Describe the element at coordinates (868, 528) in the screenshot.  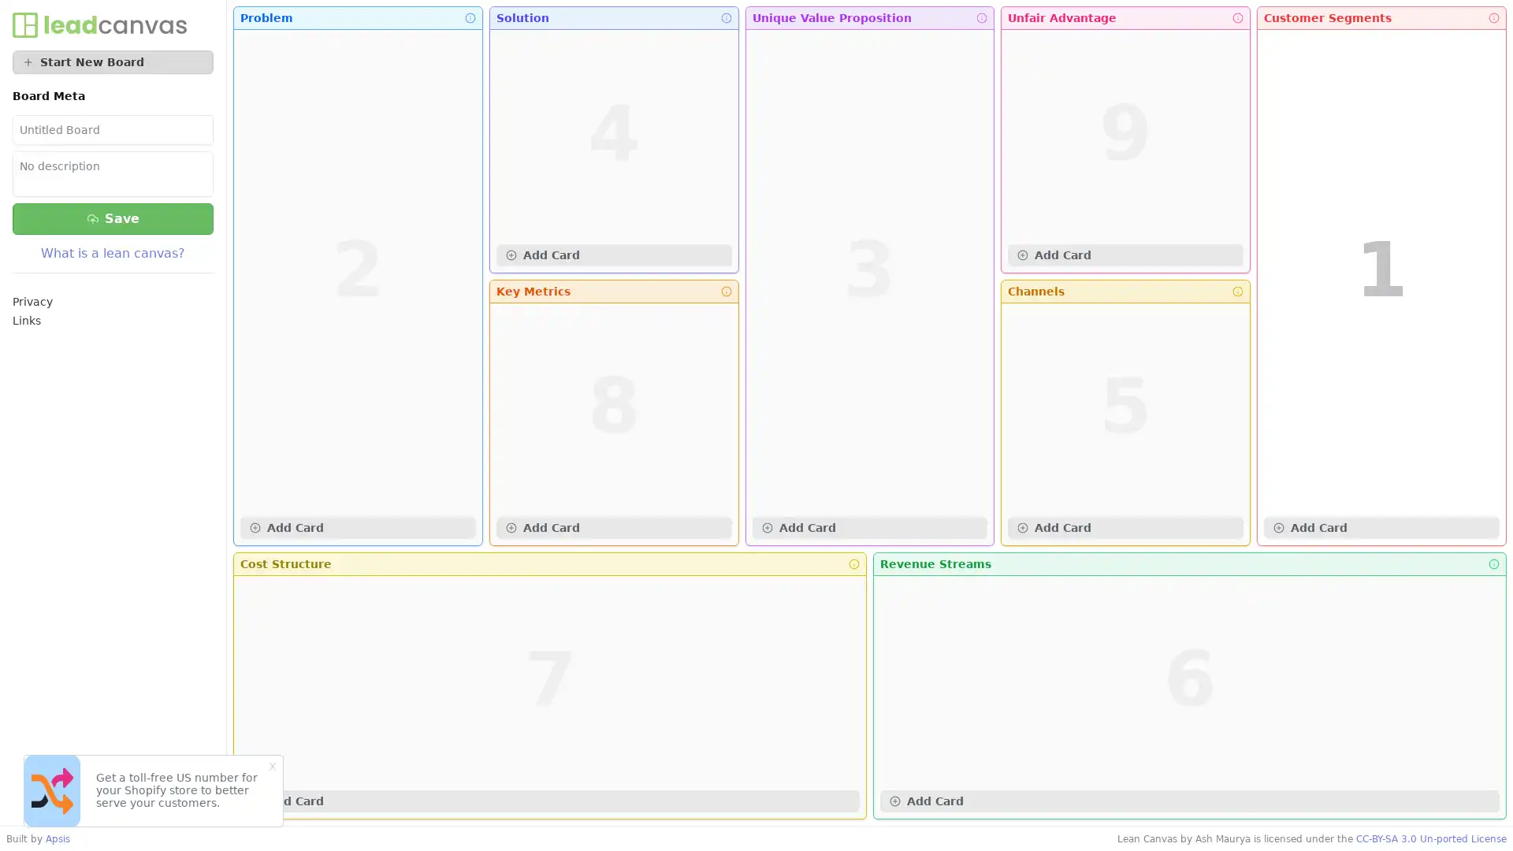
I see `Add Card` at that location.